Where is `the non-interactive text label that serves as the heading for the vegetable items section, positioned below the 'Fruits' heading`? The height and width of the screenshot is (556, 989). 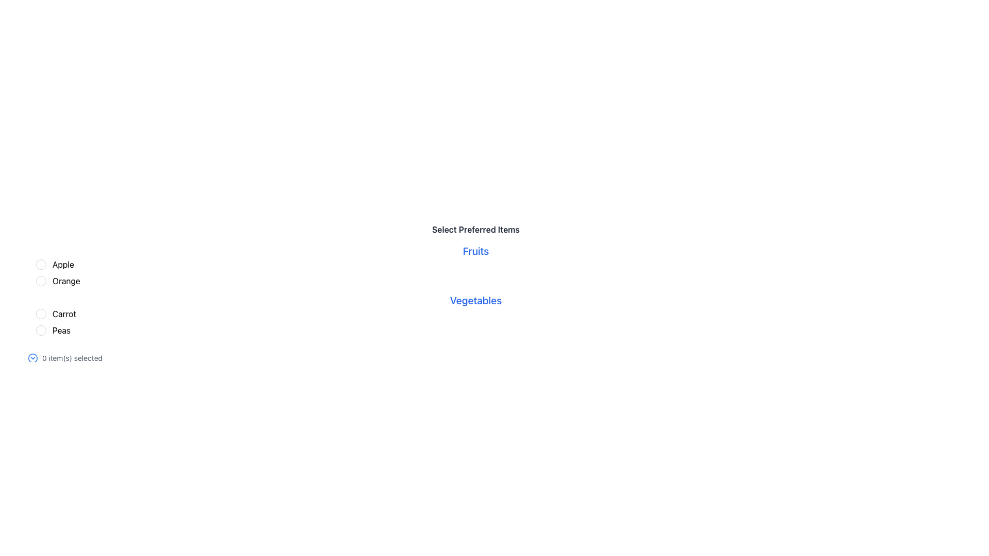
the non-interactive text label that serves as the heading for the vegetable items section, positioned below the 'Fruits' heading is located at coordinates (475, 300).